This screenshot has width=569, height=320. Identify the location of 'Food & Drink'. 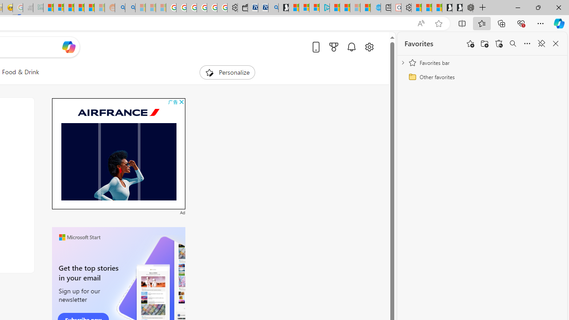
(20, 72).